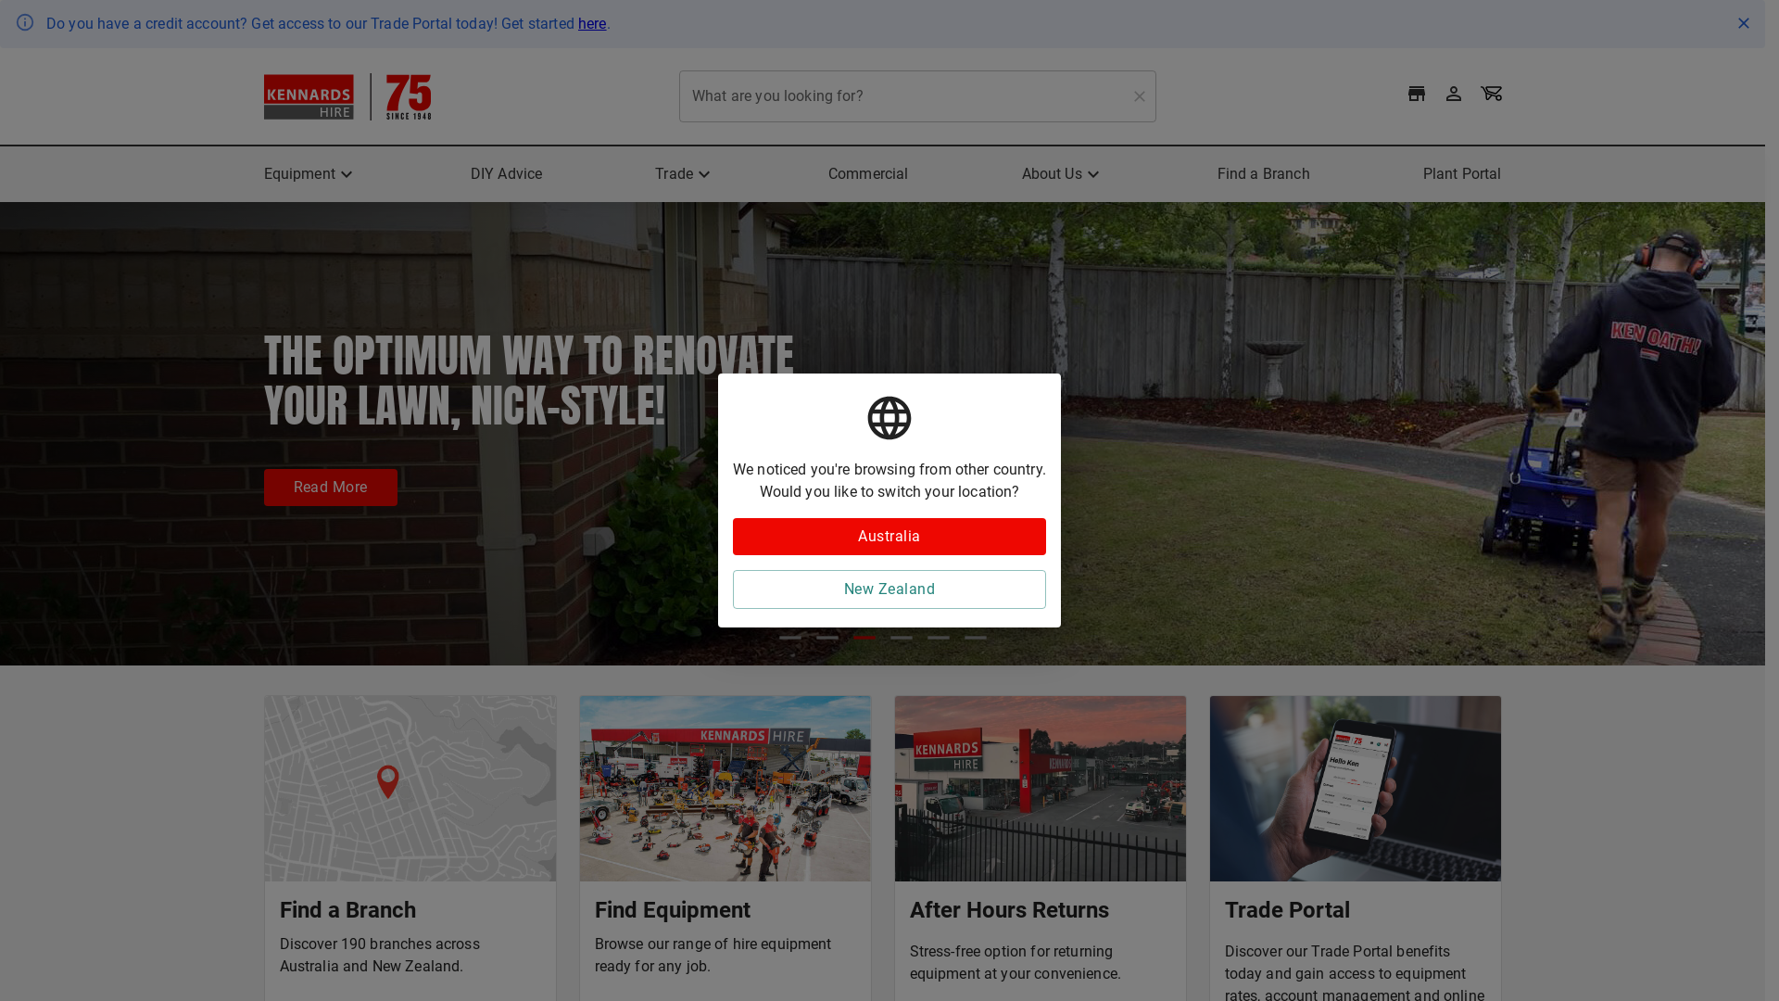 The height and width of the screenshot is (1001, 1779). I want to click on 'New Zealand', so click(889, 589).